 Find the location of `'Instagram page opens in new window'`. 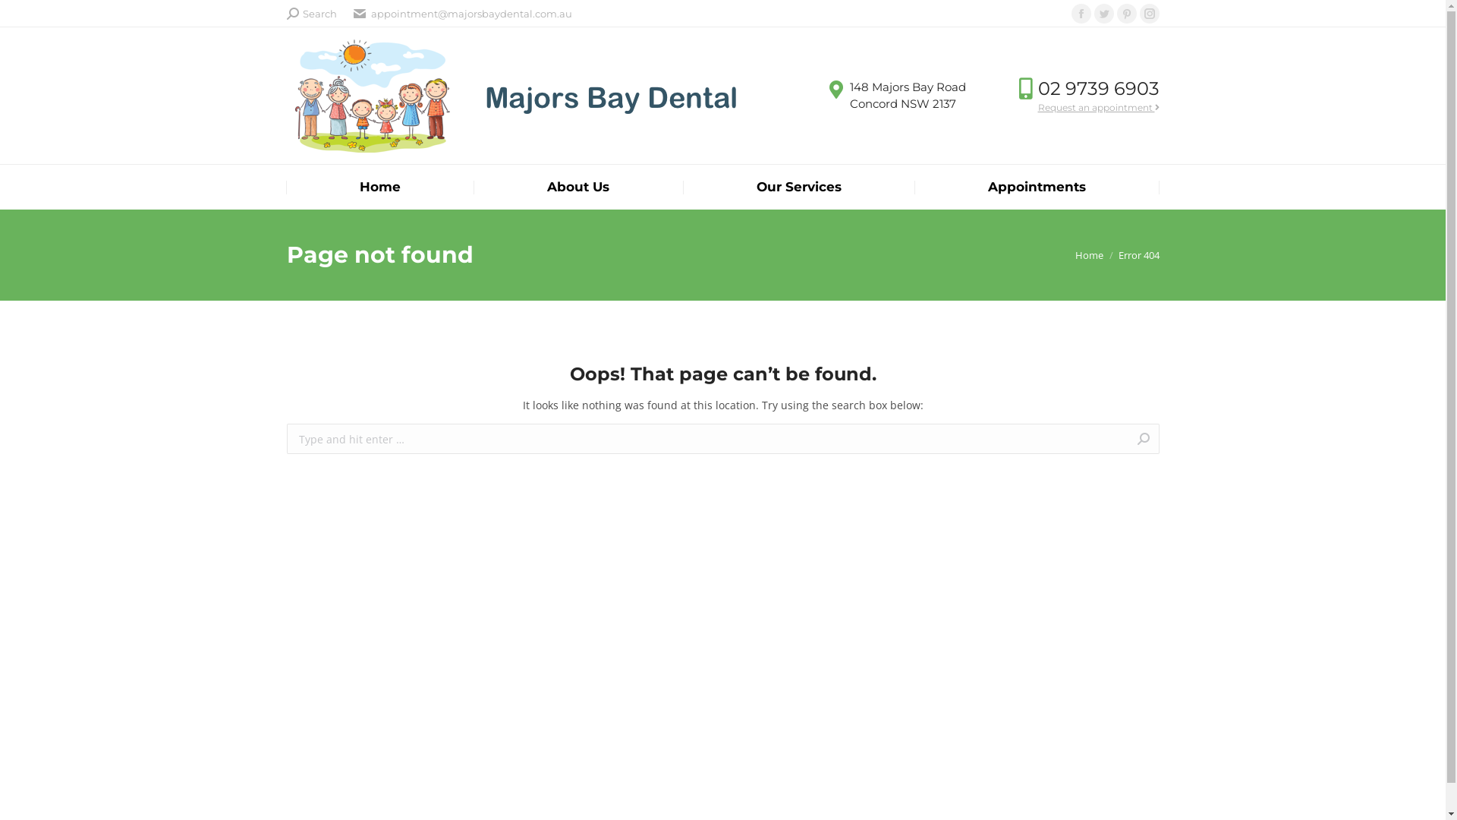

'Instagram page opens in new window' is located at coordinates (1150, 14).